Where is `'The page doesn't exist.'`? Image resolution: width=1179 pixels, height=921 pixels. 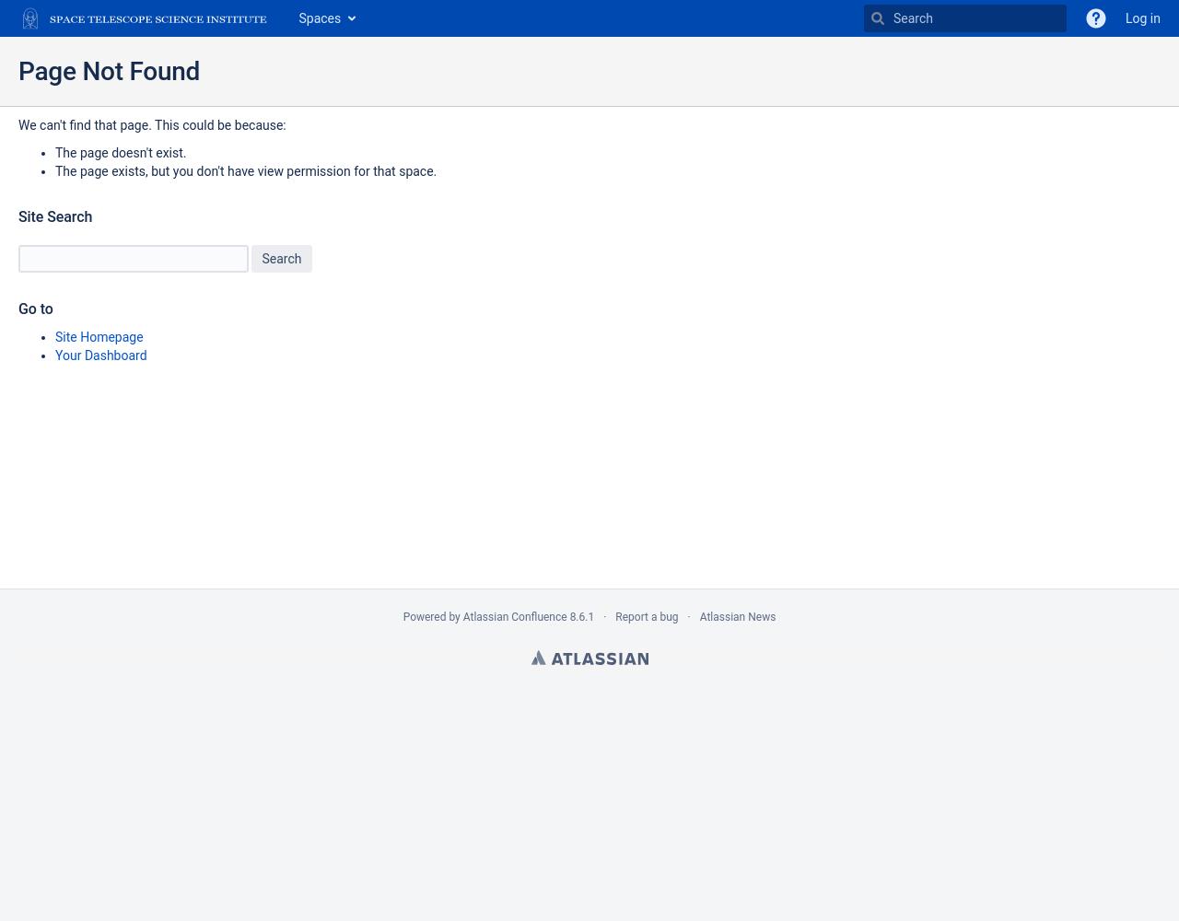
'The page doesn't exist.' is located at coordinates (119, 153).